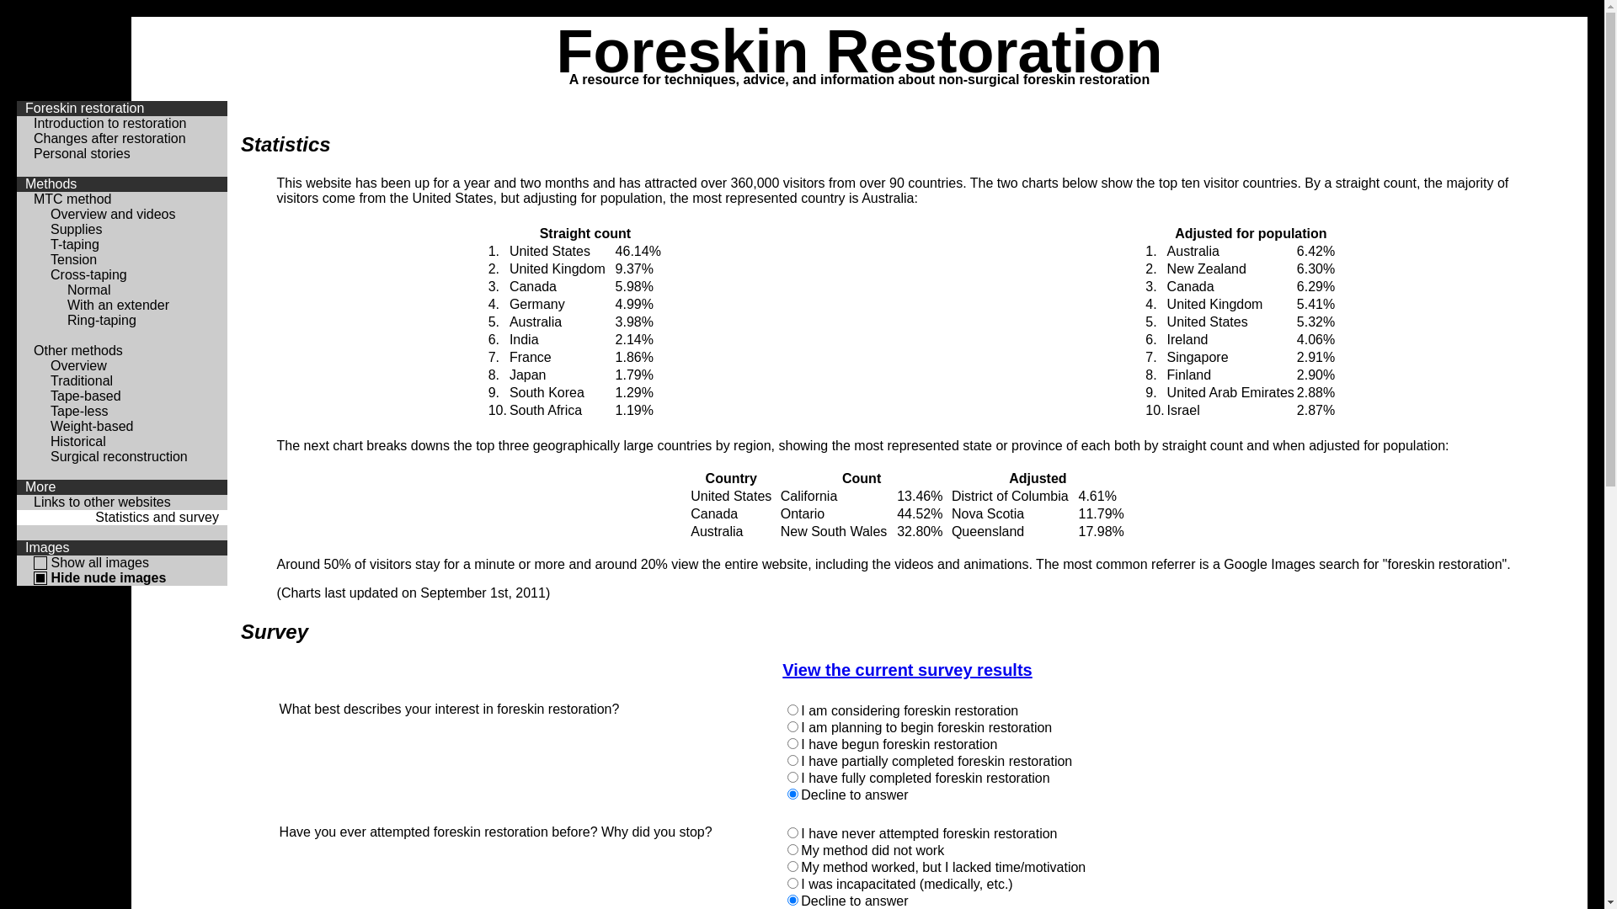 This screenshot has width=1617, height=909. I want to click on 'T-taping', so click(50, 244).